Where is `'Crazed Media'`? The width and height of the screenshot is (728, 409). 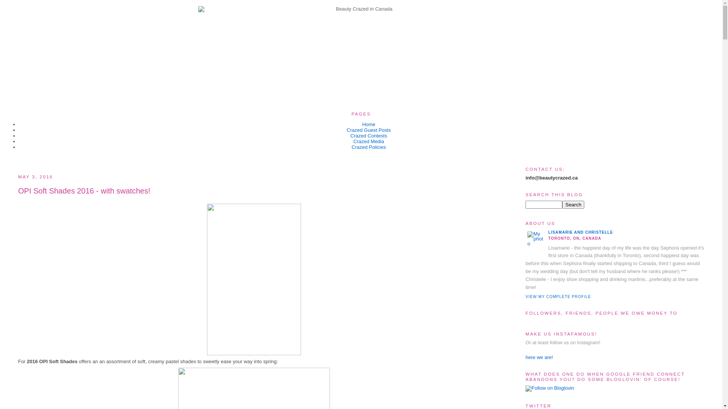
'Crazed Media' is located at coordinates (353, 141).